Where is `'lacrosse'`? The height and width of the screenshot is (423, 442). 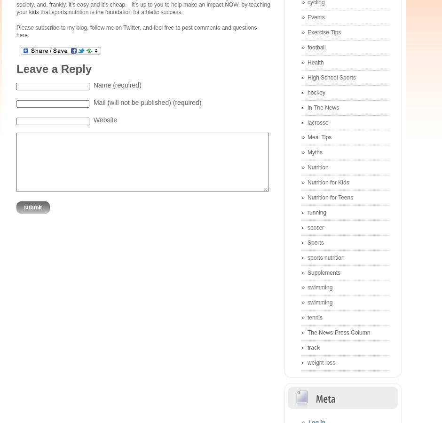 'lacrosse' is located at coordinates (317, 122).